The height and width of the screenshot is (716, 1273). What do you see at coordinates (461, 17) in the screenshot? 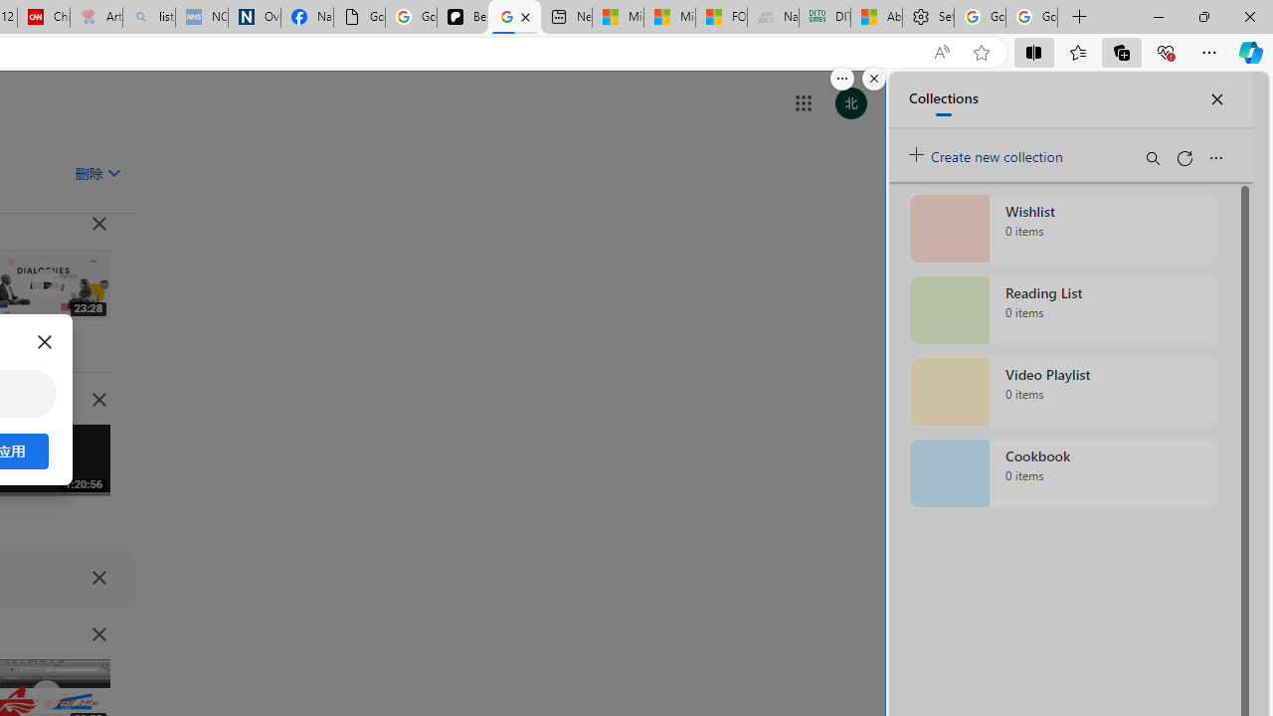
I see `'Be Smart | creating Science videos | Patreon'` at bounding box center [461, 17].